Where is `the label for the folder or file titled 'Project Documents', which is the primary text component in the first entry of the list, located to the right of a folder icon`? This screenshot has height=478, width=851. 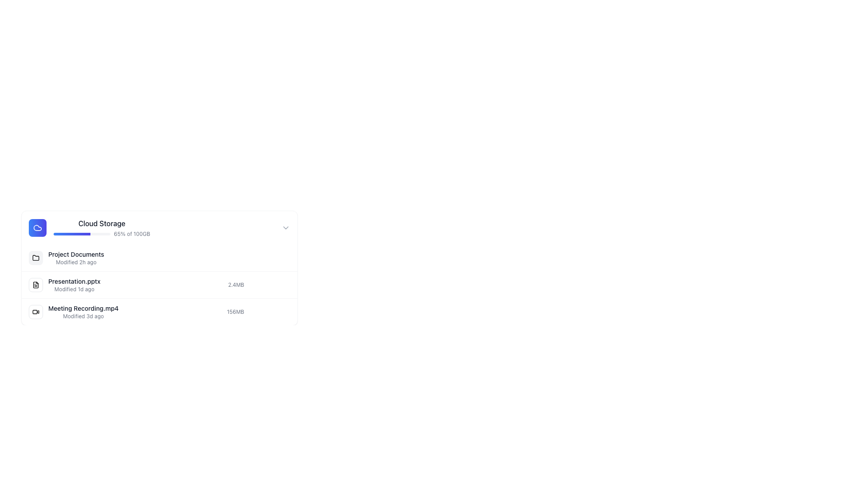 the label for the folder or file titled 'Project Documents', which is the primary text component in the first entry of the list, located to the right of a folder icon is located at coordinates (76, 254).